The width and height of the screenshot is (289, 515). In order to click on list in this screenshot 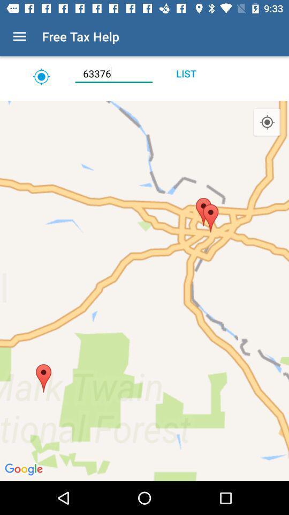, I will do `click(185, 73)`.